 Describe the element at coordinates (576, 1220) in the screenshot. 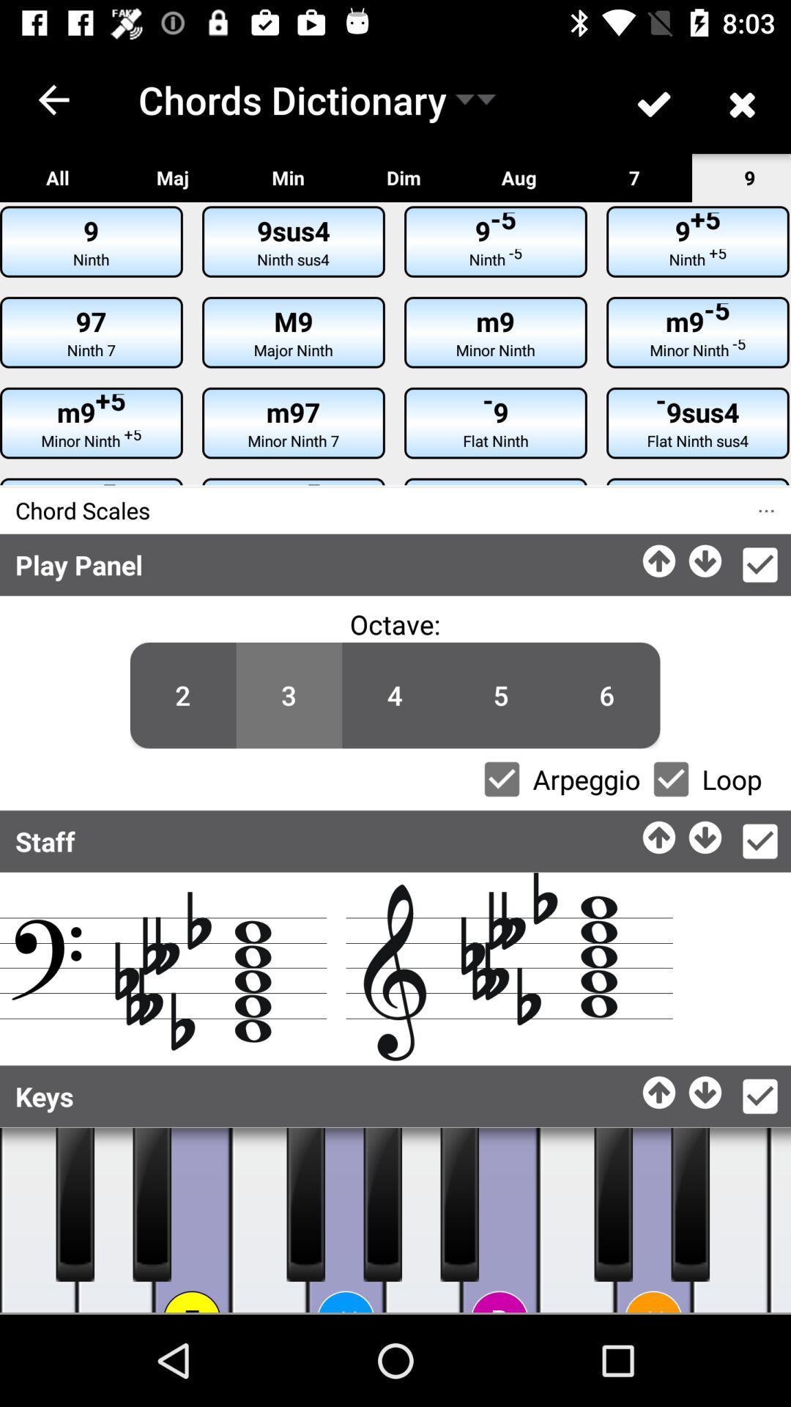

I see `click the piano button` at that location.